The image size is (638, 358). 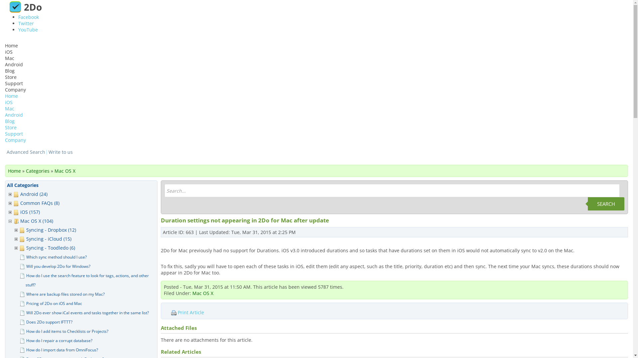 What do you see at coordinates (60, 340) in the screenshot?
I see `'How do I repair a corrupt database?'` at bounding box center [60, 340].